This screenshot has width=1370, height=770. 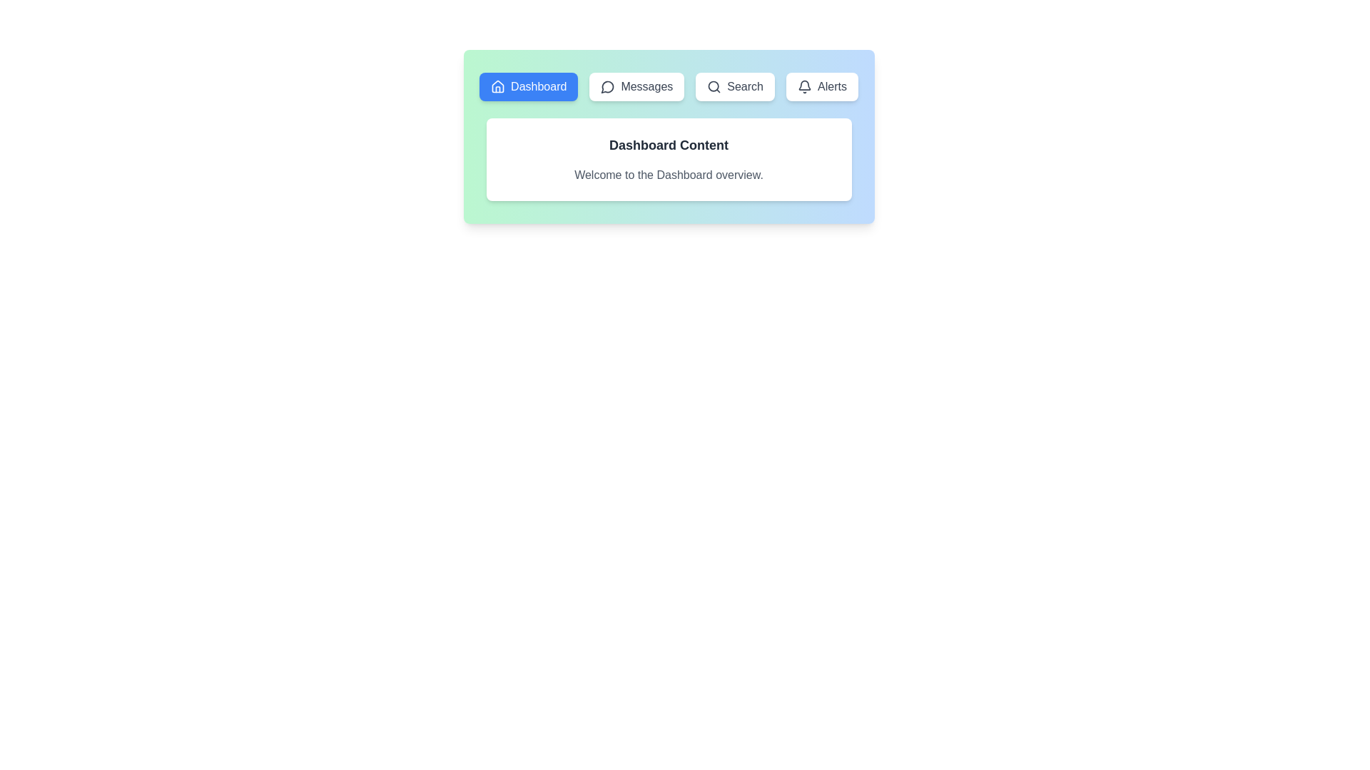 What do you see at coordinates (735, 87) in the screenshot?
I see `the tab labeled Search` at bounding box center [735, 87].